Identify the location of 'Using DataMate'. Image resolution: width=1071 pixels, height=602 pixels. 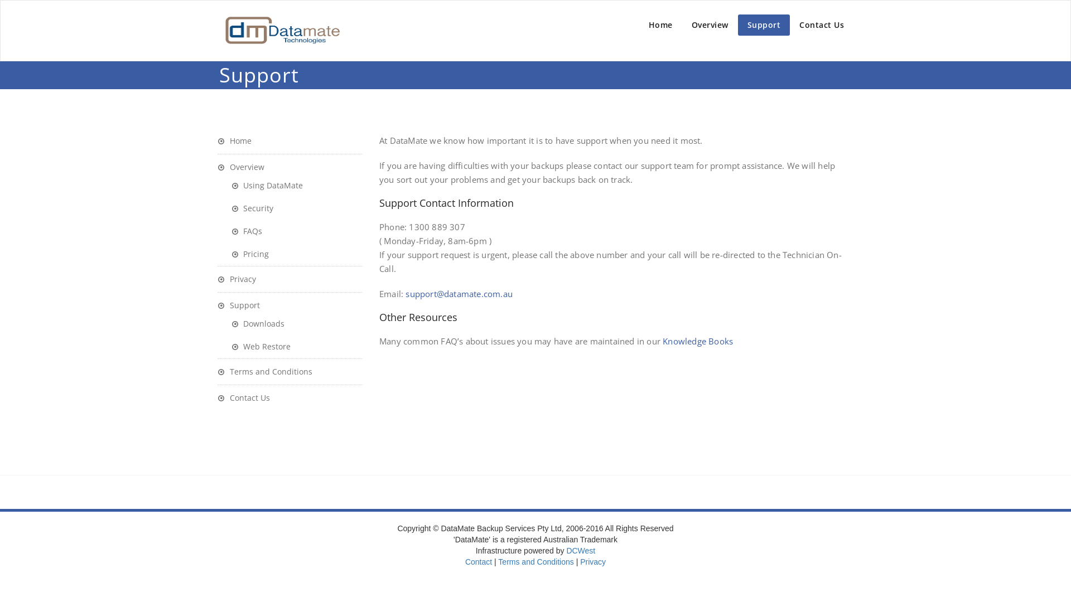
(230, 185).